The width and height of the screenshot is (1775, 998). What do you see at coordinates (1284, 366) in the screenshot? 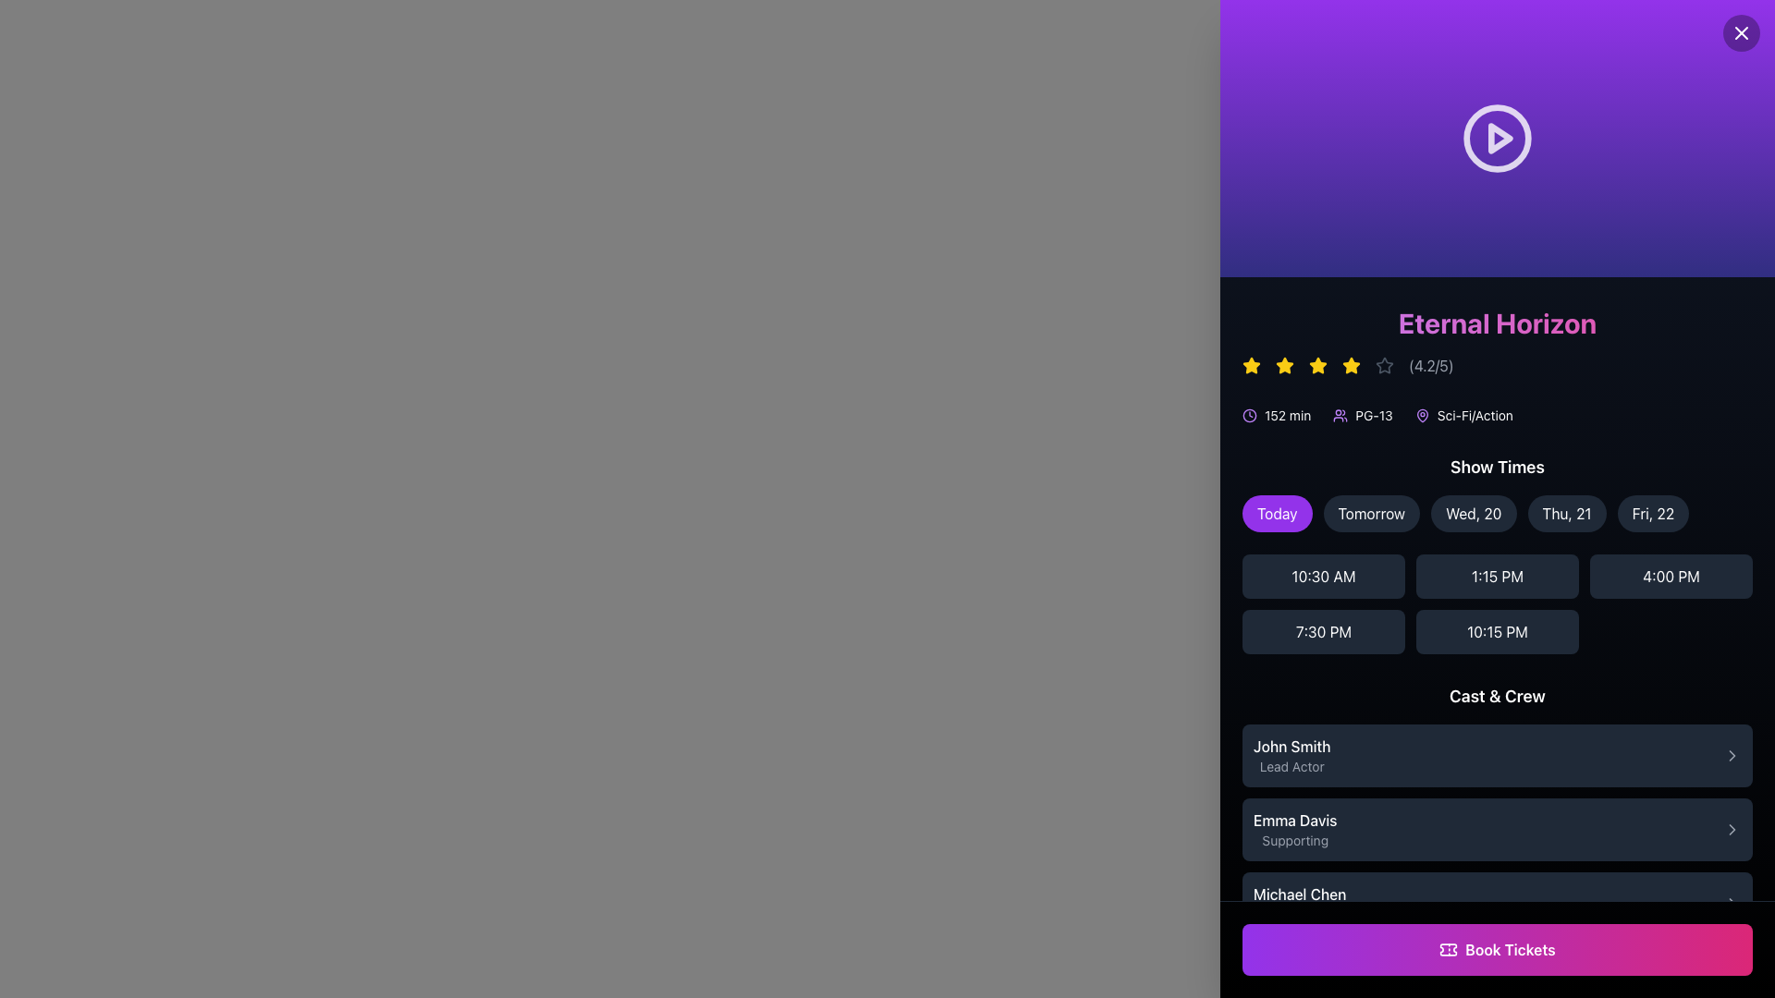
I see `the third yellow star icon in the rating component under the title 'Eternal Horizon'` at bounding box center [1284, 366].